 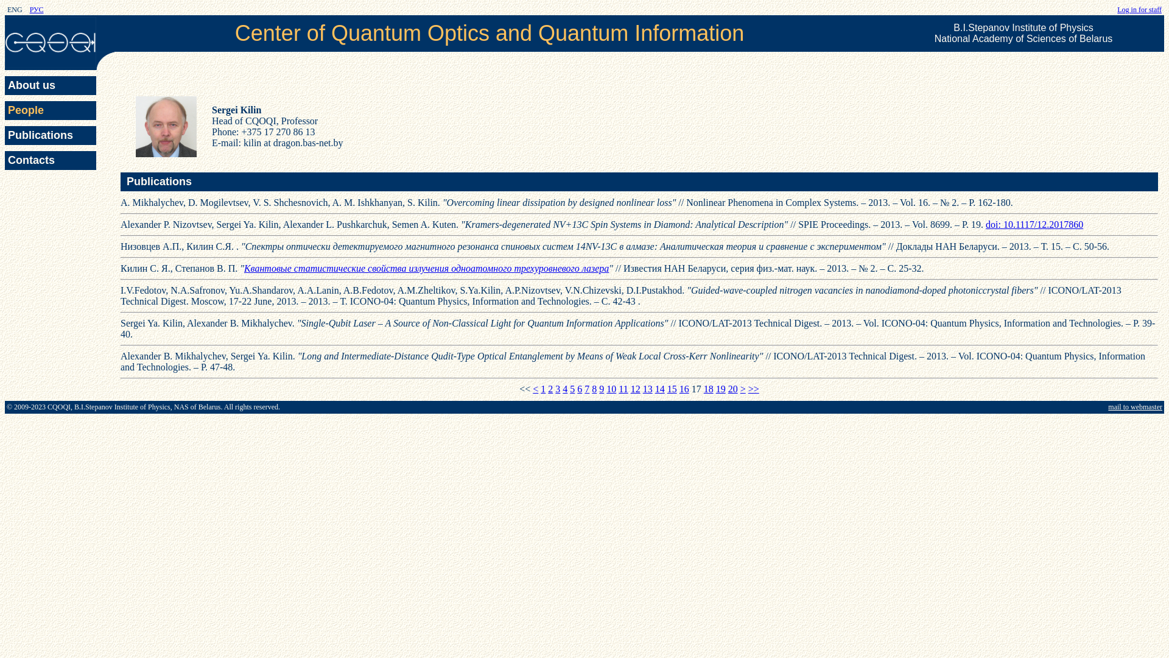 What do you see at coordinates (672, 389) in the screenshot?
I see `'15'` at bounding box center [672, 389].